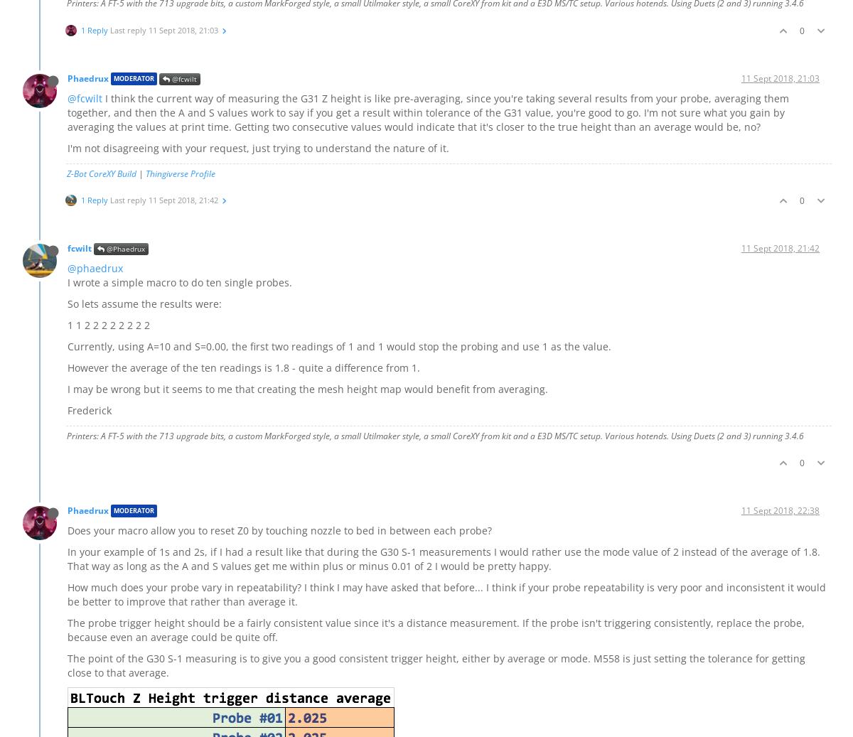  What do you see at coordinates (741, 509) in the screenshot?
I see `'11 Sept 2018, 22:38'` at bounding box center [741, 509].